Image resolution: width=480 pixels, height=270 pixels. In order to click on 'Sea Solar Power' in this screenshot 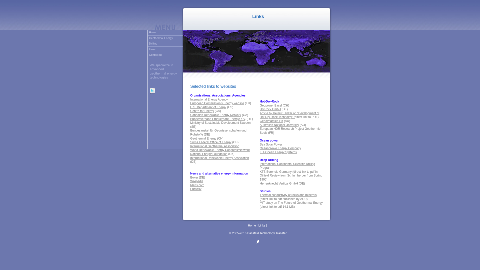, I will do `click(271, 144)`.